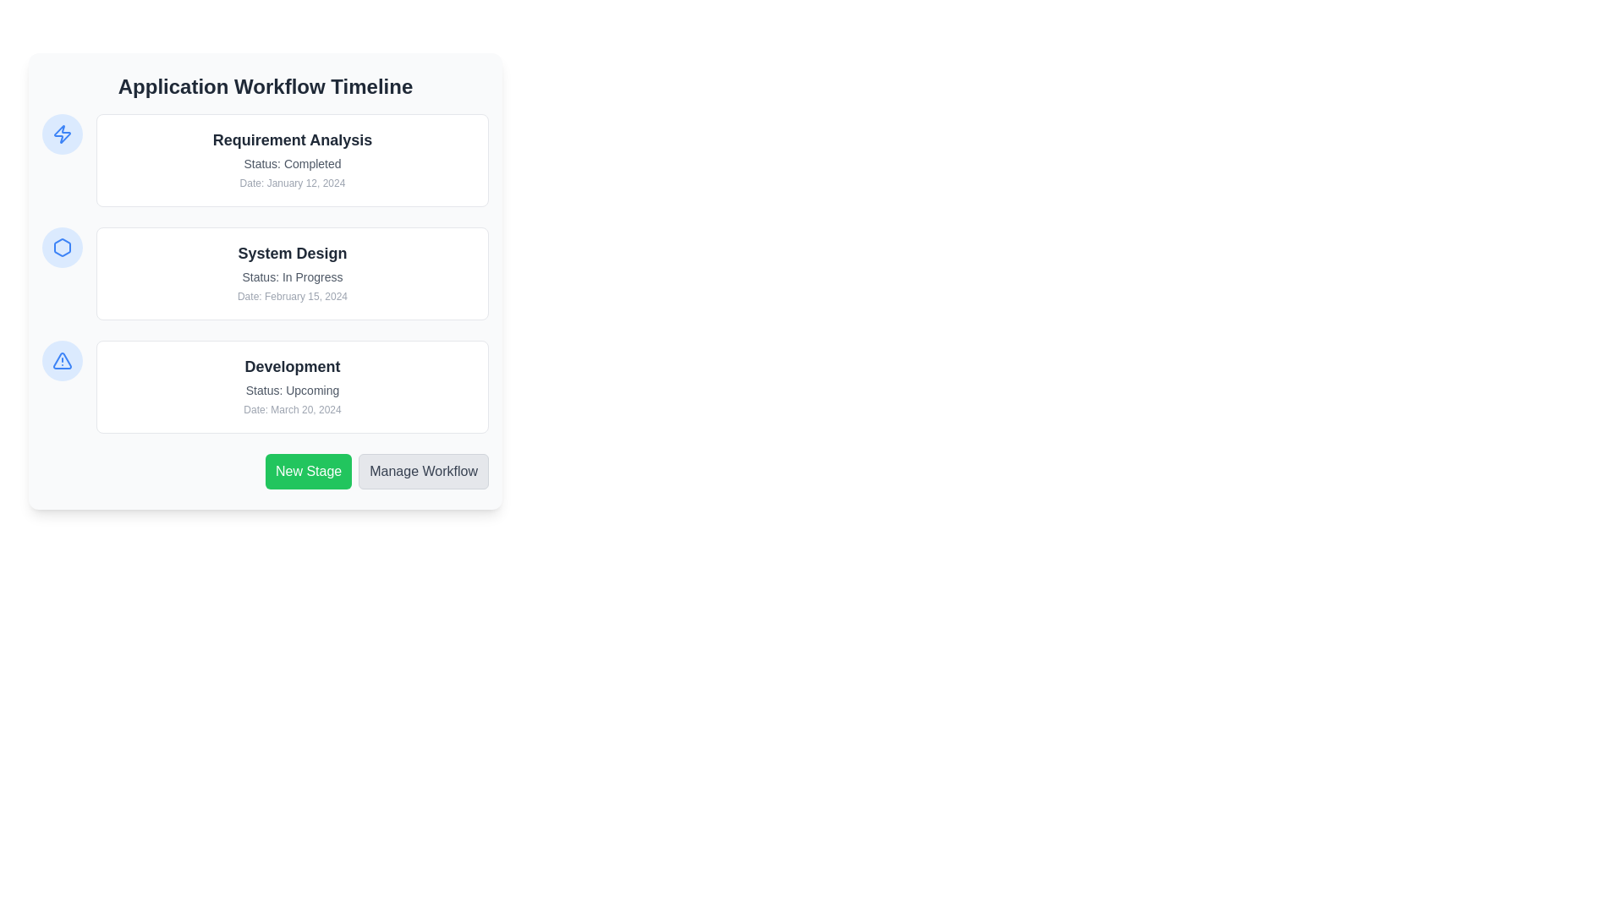 This screenshot has height=913, width=1624. I want to click on the warning icon representing a warning or alert located to the left of the 'Development' section in the workflow timeline, so click(62, 360).